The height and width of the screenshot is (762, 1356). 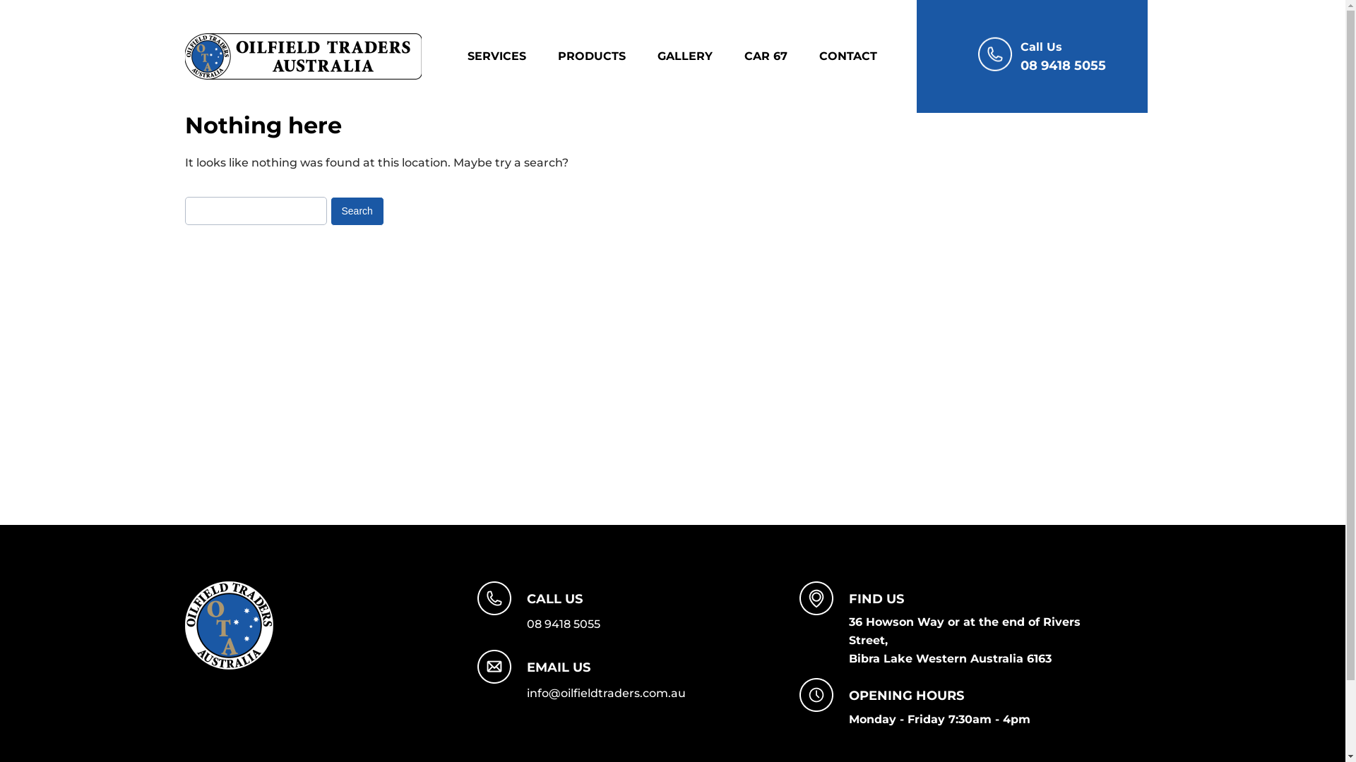 I want to click on 'info@oilfieldtraders.com.au', so click(x=606, y=692).